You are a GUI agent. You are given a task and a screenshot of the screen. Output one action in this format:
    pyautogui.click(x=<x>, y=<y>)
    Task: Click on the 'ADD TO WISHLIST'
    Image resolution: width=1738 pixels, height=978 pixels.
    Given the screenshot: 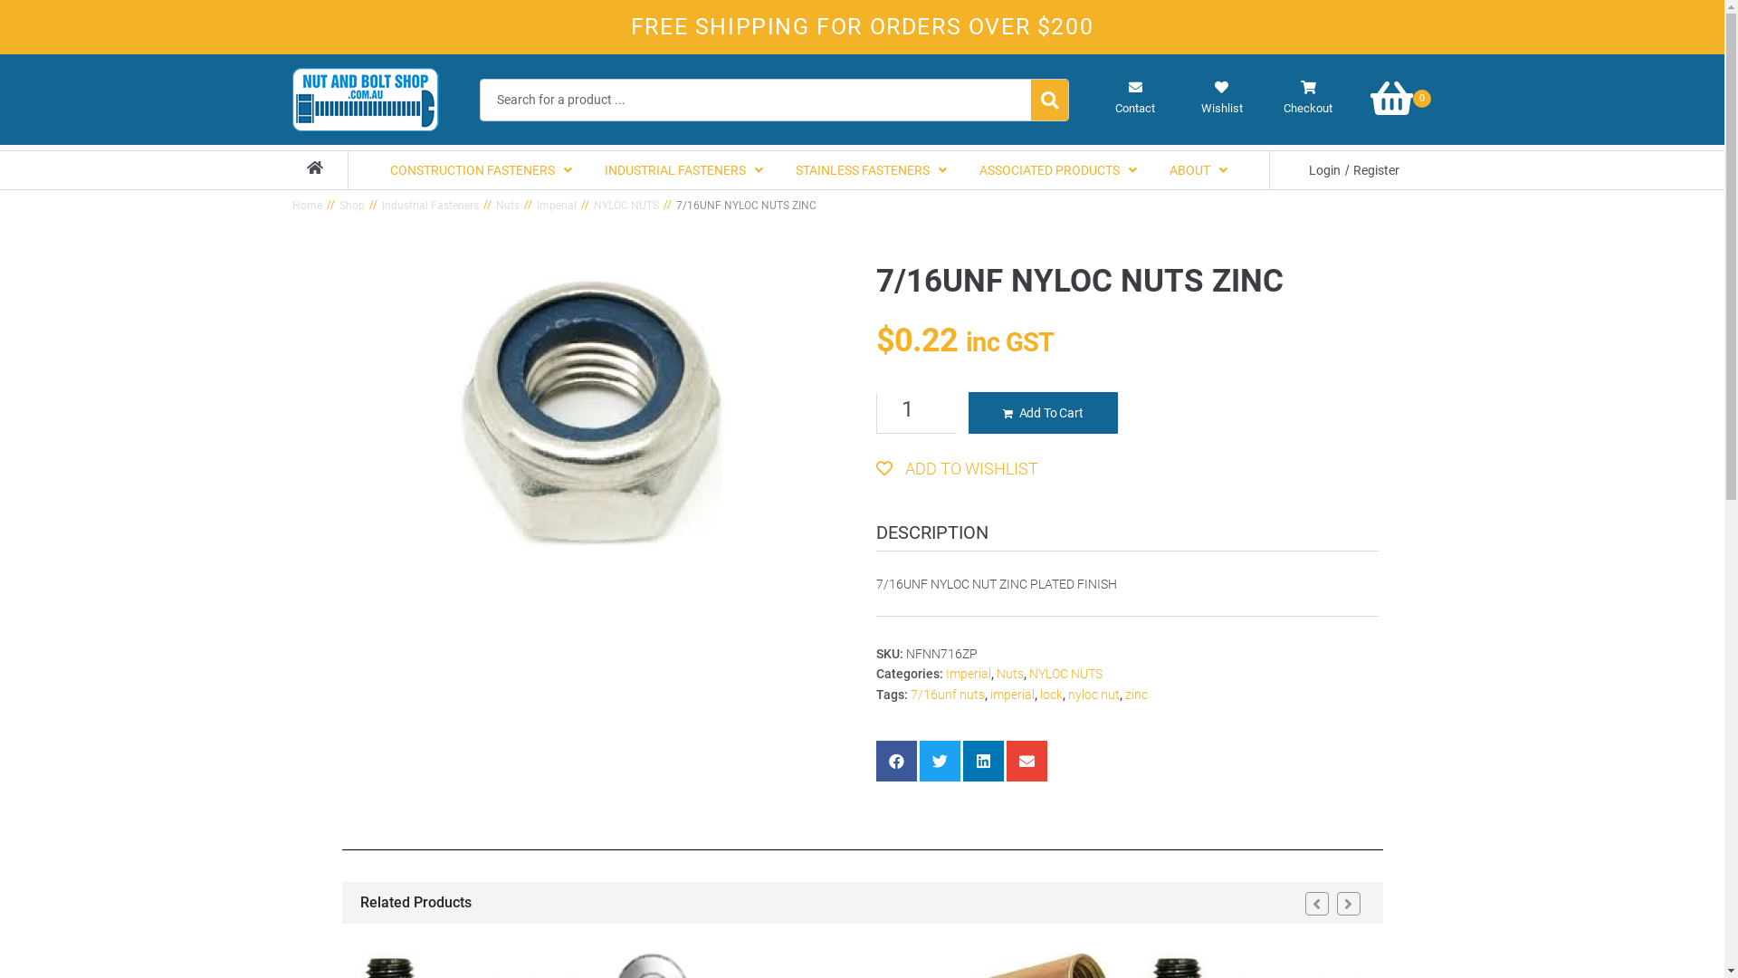 What is the action you would take?
    pyautogui.click(x=956, y=467)
    